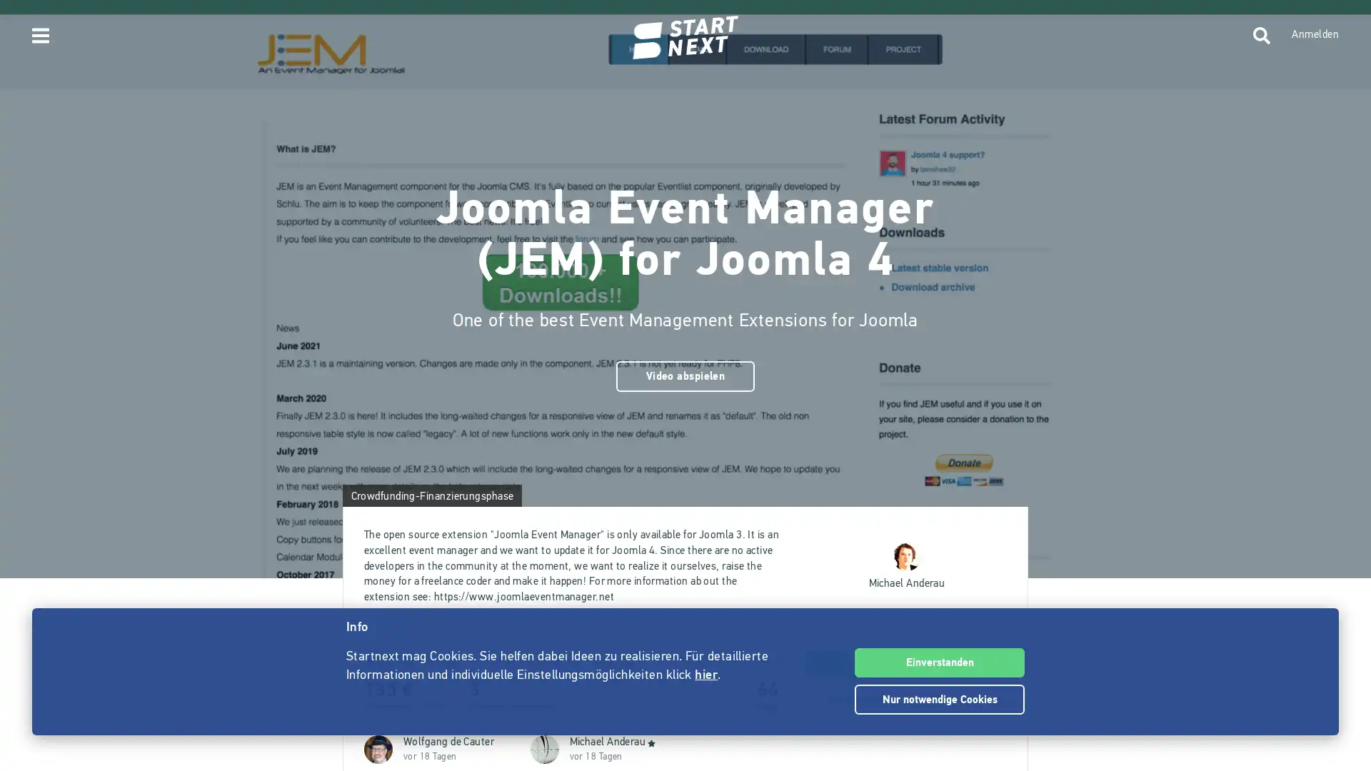 The image size is (1371, 771). Describe the element at coordinates (939, 662) in the screenshot. I see `Einverstanden` at that location.